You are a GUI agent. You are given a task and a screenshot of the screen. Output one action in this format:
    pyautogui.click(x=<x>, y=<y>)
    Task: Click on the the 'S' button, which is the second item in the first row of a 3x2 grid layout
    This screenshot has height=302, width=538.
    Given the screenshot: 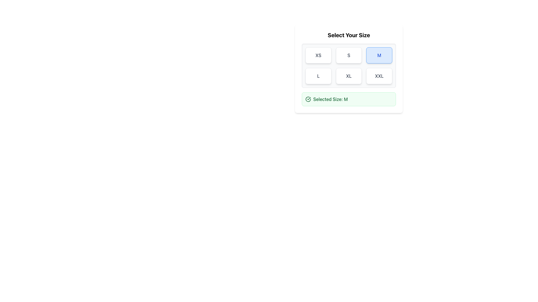 What is the action you would take?
    pyautogui.click(x=348, y=55)
    